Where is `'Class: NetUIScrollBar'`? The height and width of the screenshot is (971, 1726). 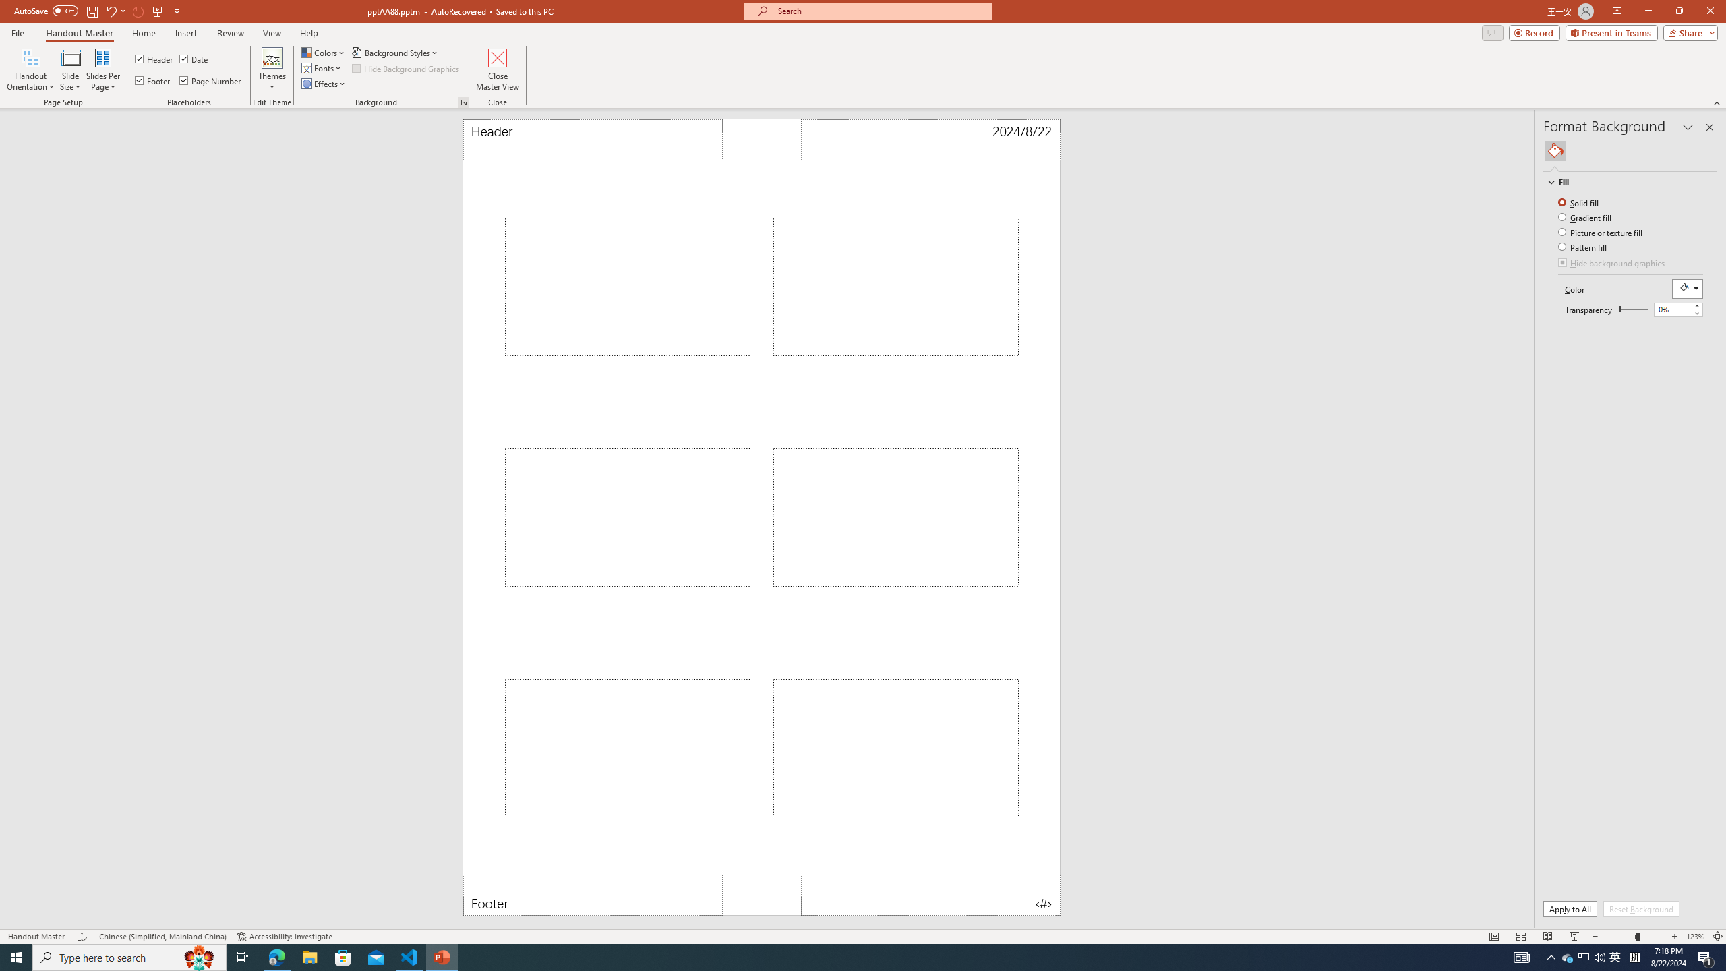
'Class: NetUIScrollBar' is located at coordinates (1710, 535).